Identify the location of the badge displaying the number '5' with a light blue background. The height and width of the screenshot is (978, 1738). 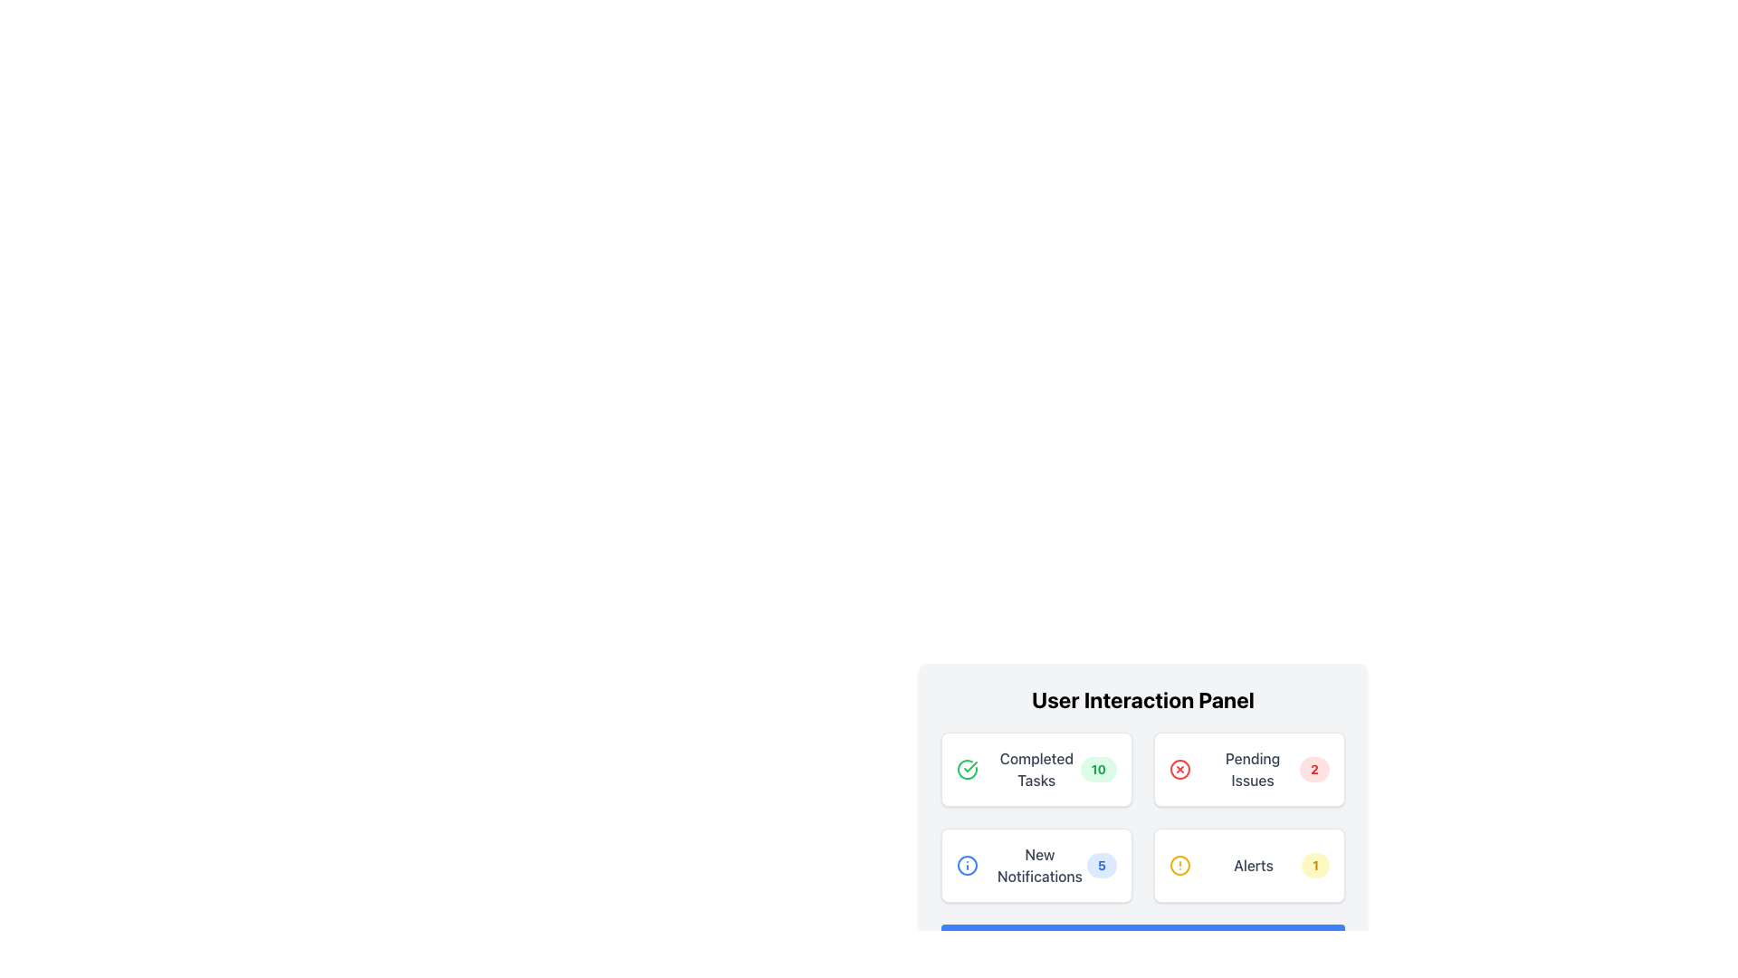
(1101, 865).